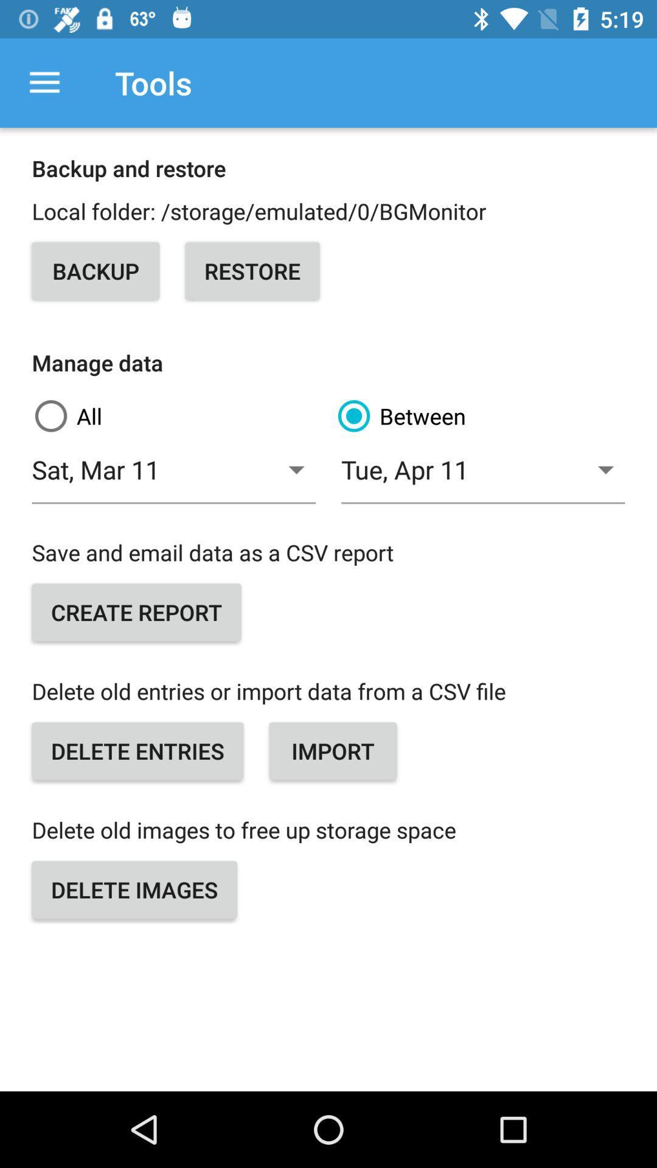 The image size is (657, 1168). I want to click on the icon next to the between icon, so click(173, 476).